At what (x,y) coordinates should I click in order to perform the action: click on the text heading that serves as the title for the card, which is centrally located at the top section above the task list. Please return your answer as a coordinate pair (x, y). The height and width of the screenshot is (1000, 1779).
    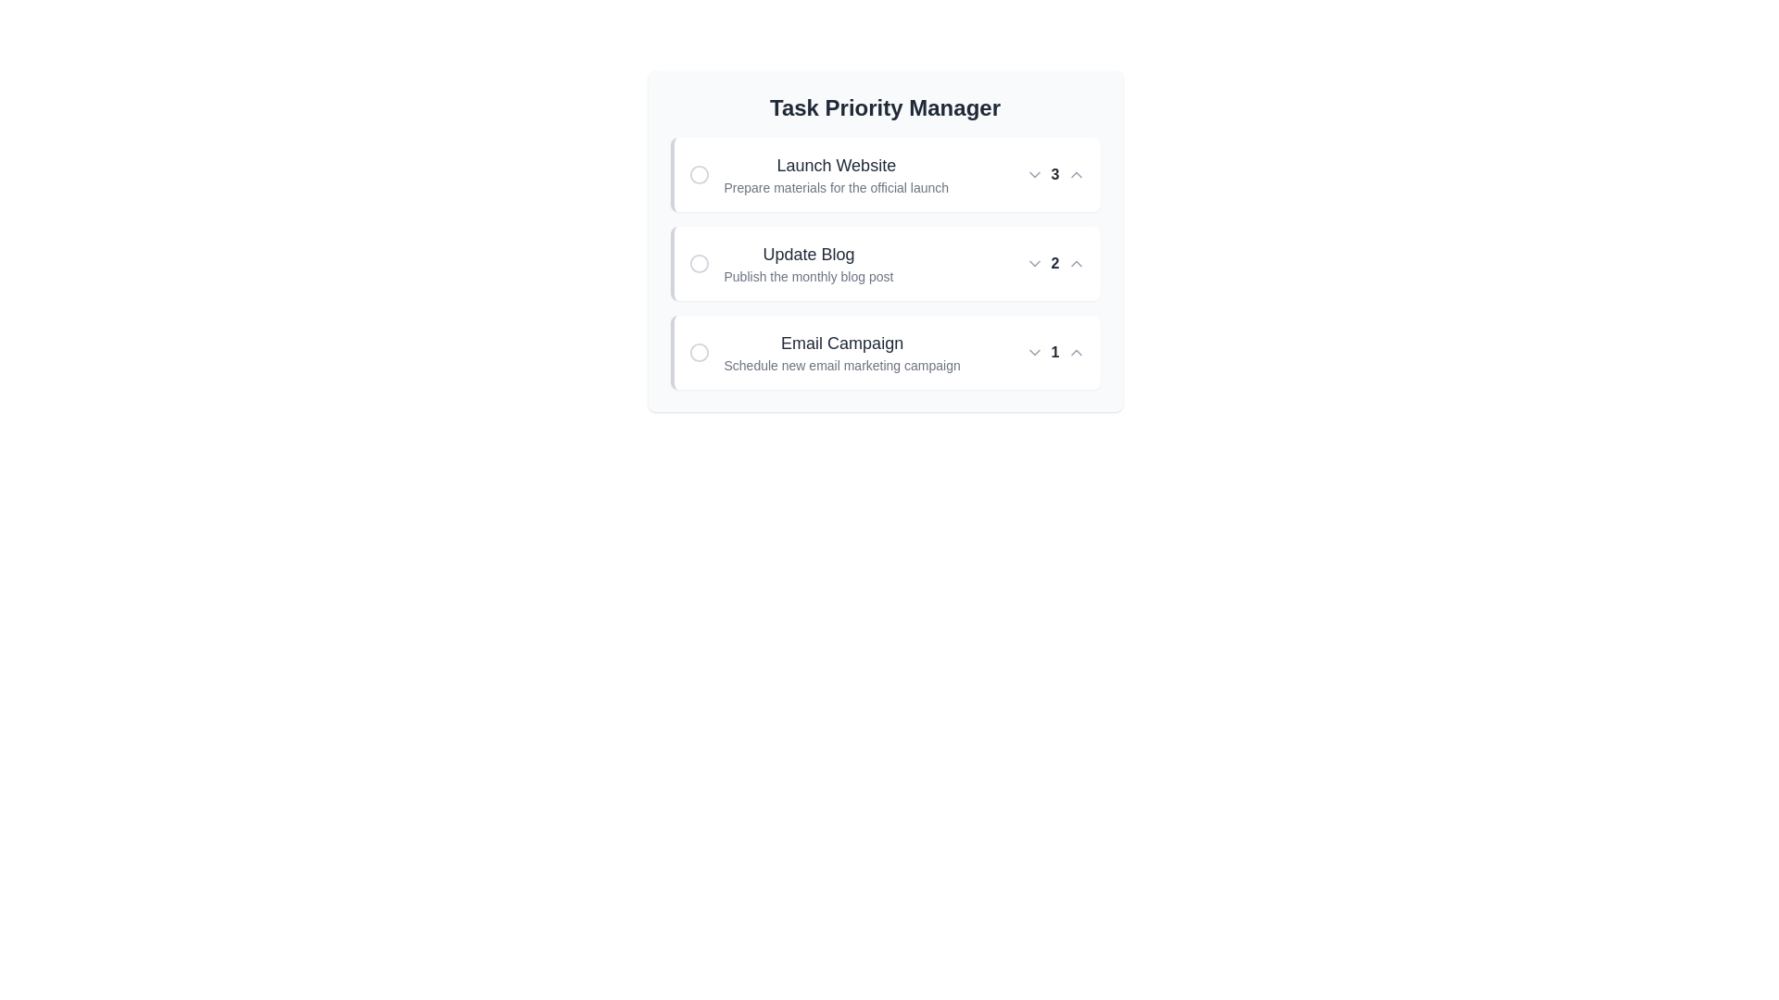
    Looking at the image, I should click on (884, 107).